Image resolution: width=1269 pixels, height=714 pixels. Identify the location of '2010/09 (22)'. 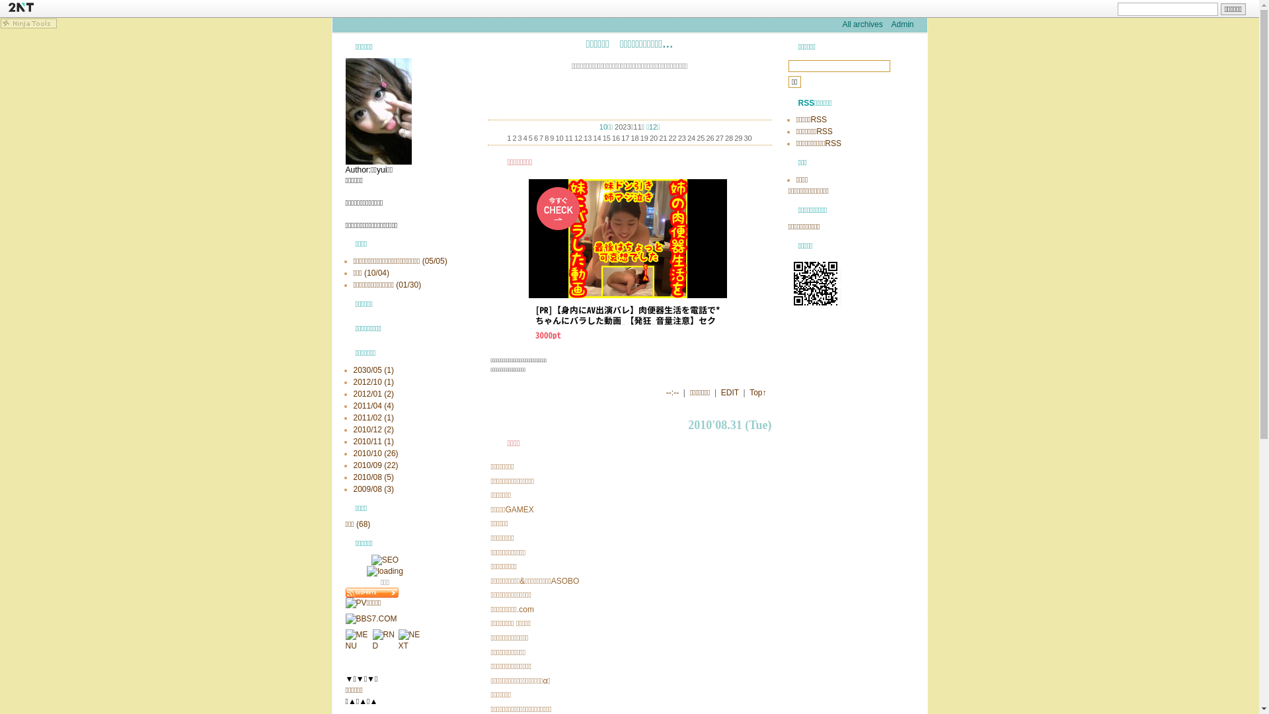
(374, 465).